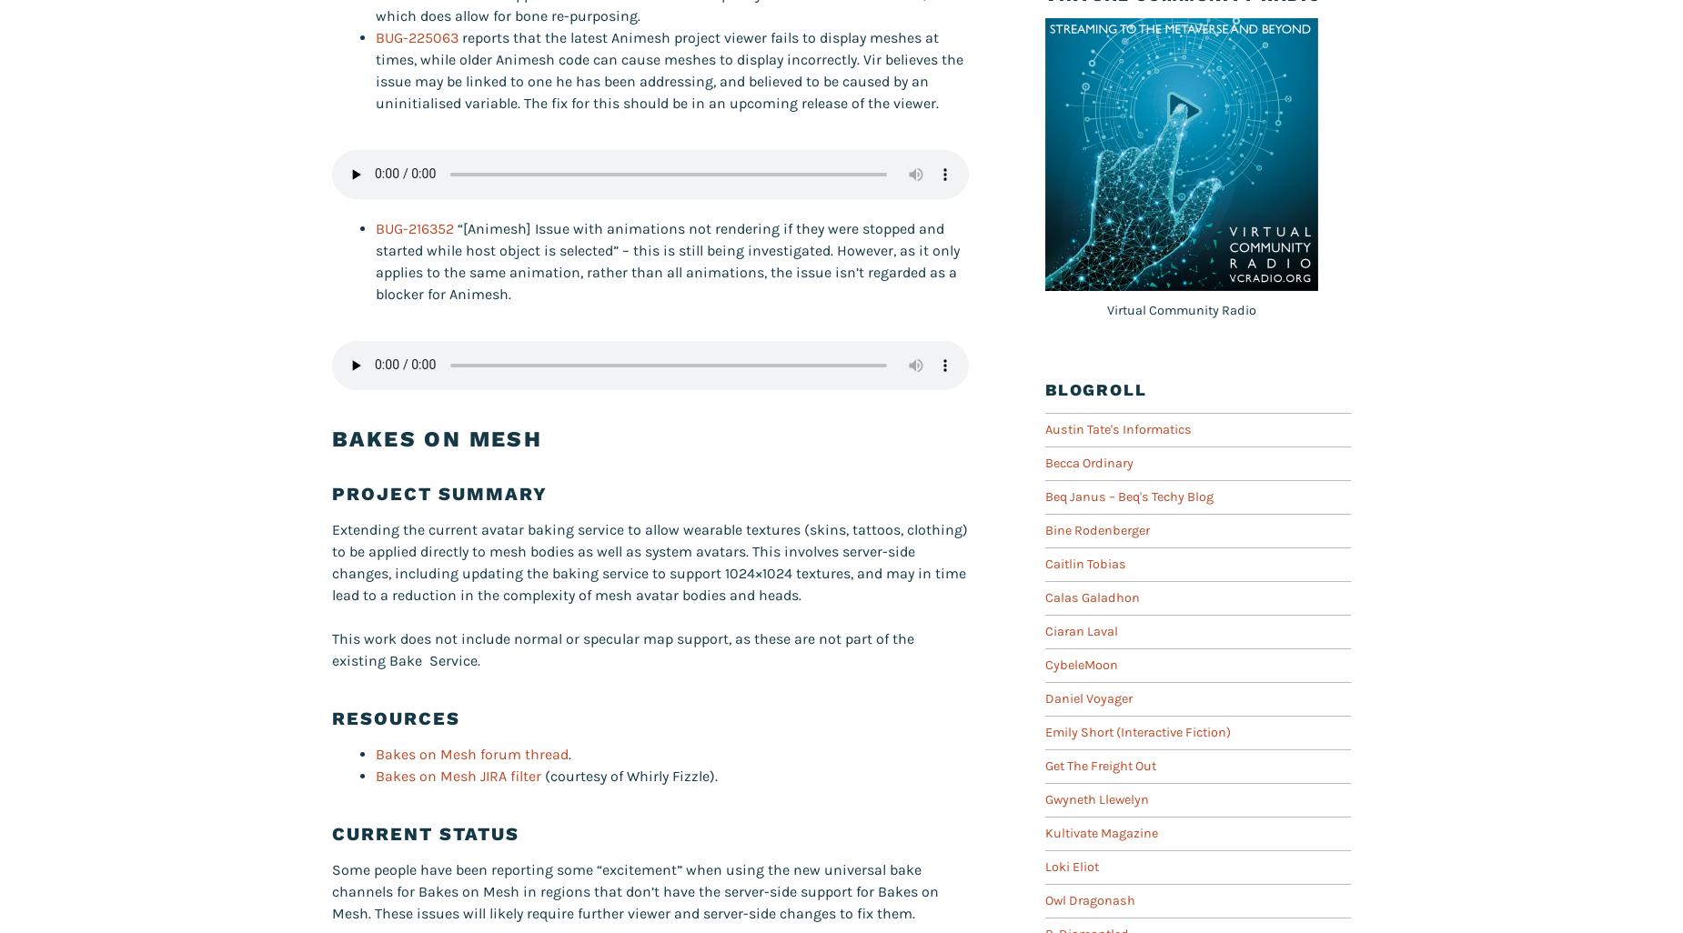 Image resolution: width=1683 pixels, height=933 pixels. I want to click on 'Loki Eliot', so click(1071, 866).